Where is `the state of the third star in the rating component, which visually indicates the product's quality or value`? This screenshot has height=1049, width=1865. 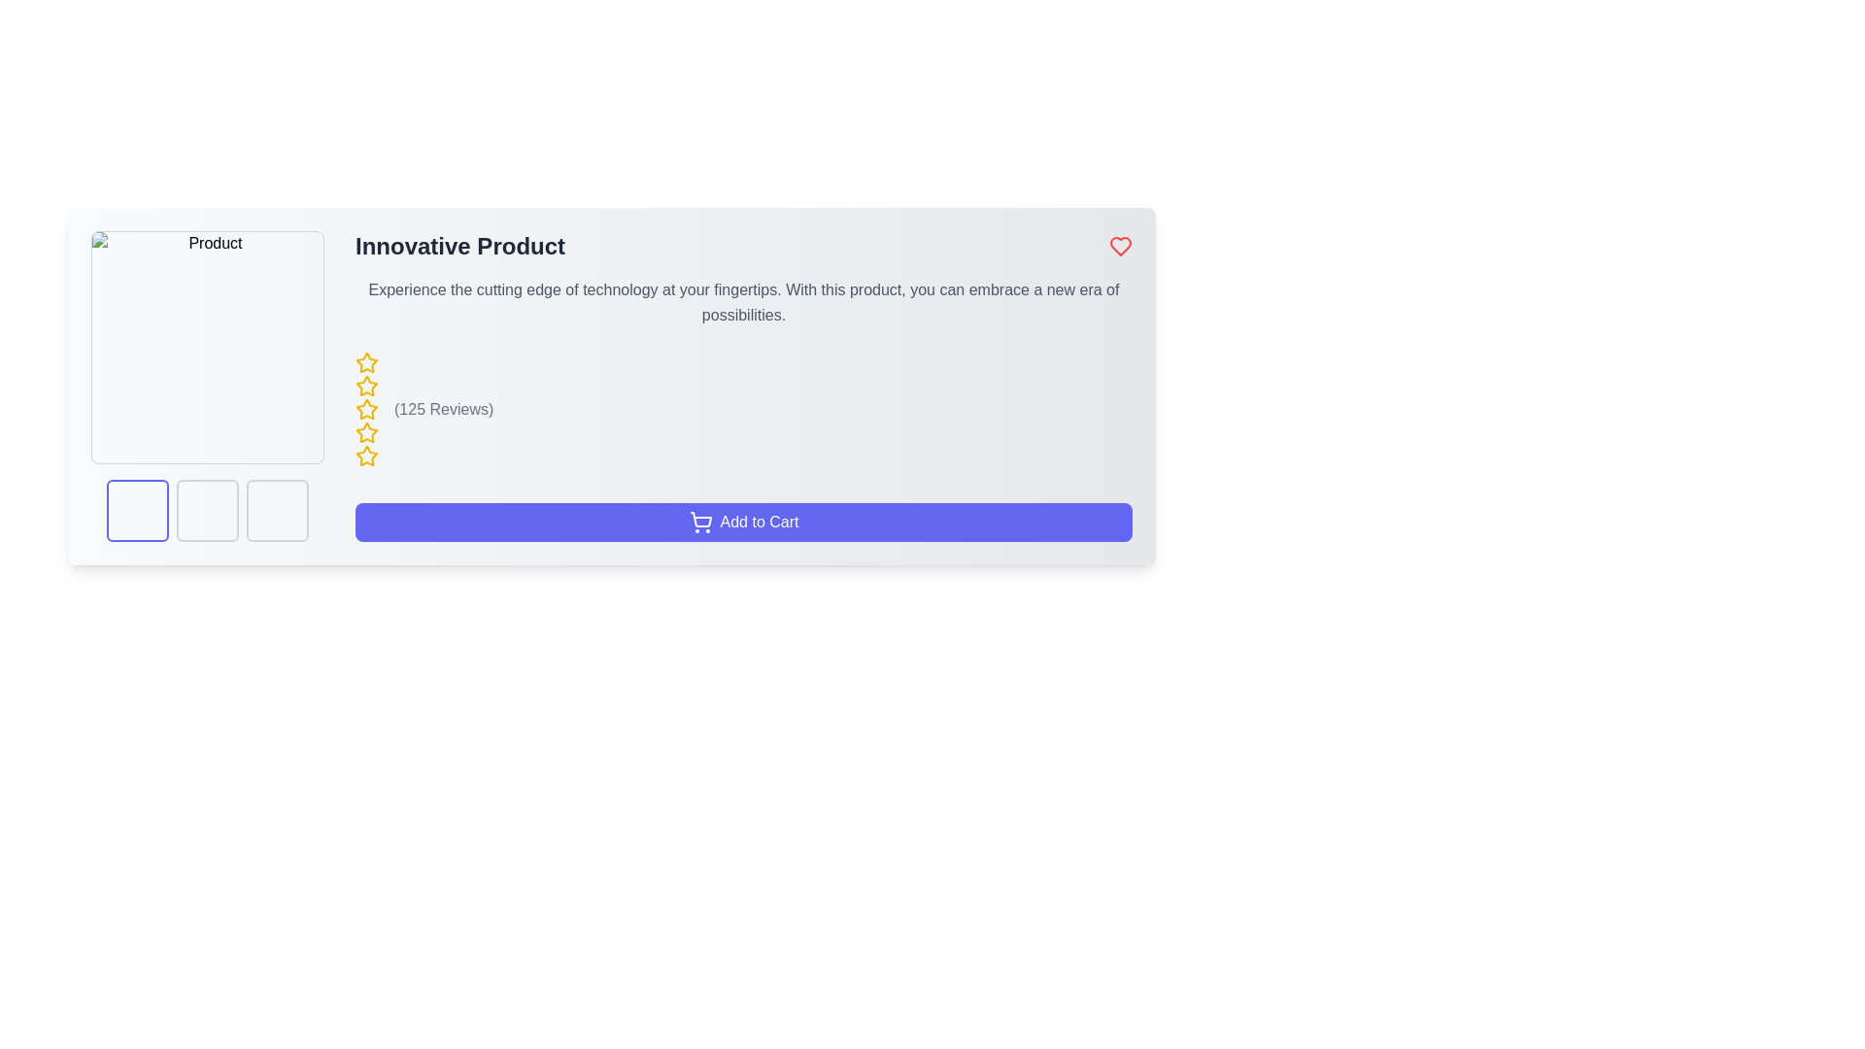
the state of the third star in the rating component, which visually indicates the product's quality or value is located at coordinates (367, 431).